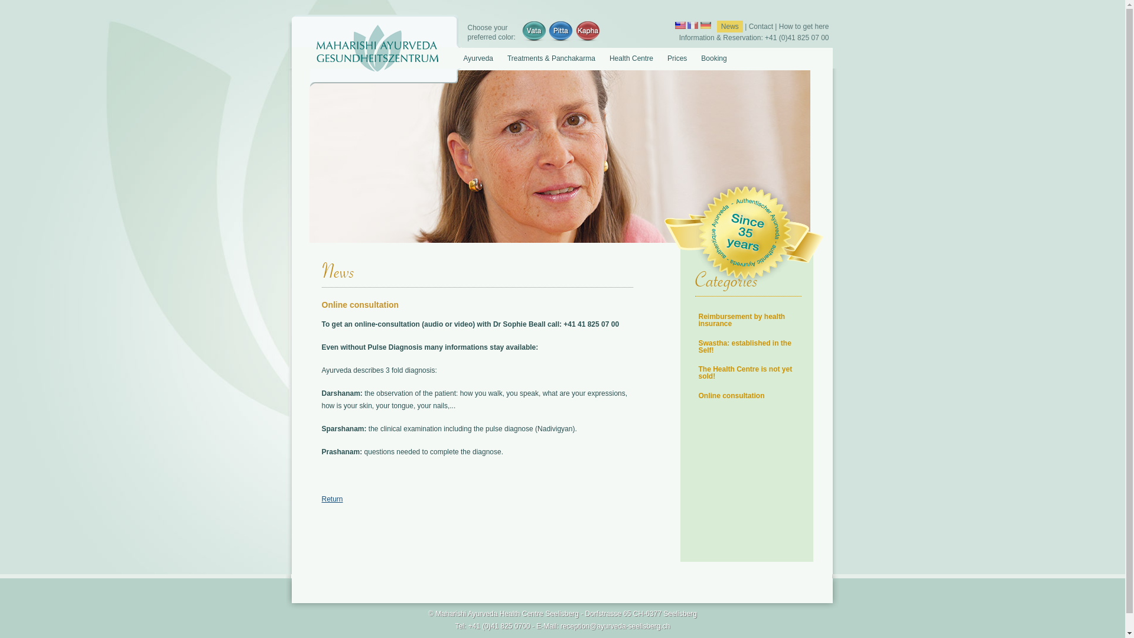 The image size is (1134, 638). I want to click on 'Return', so click(331, 499).